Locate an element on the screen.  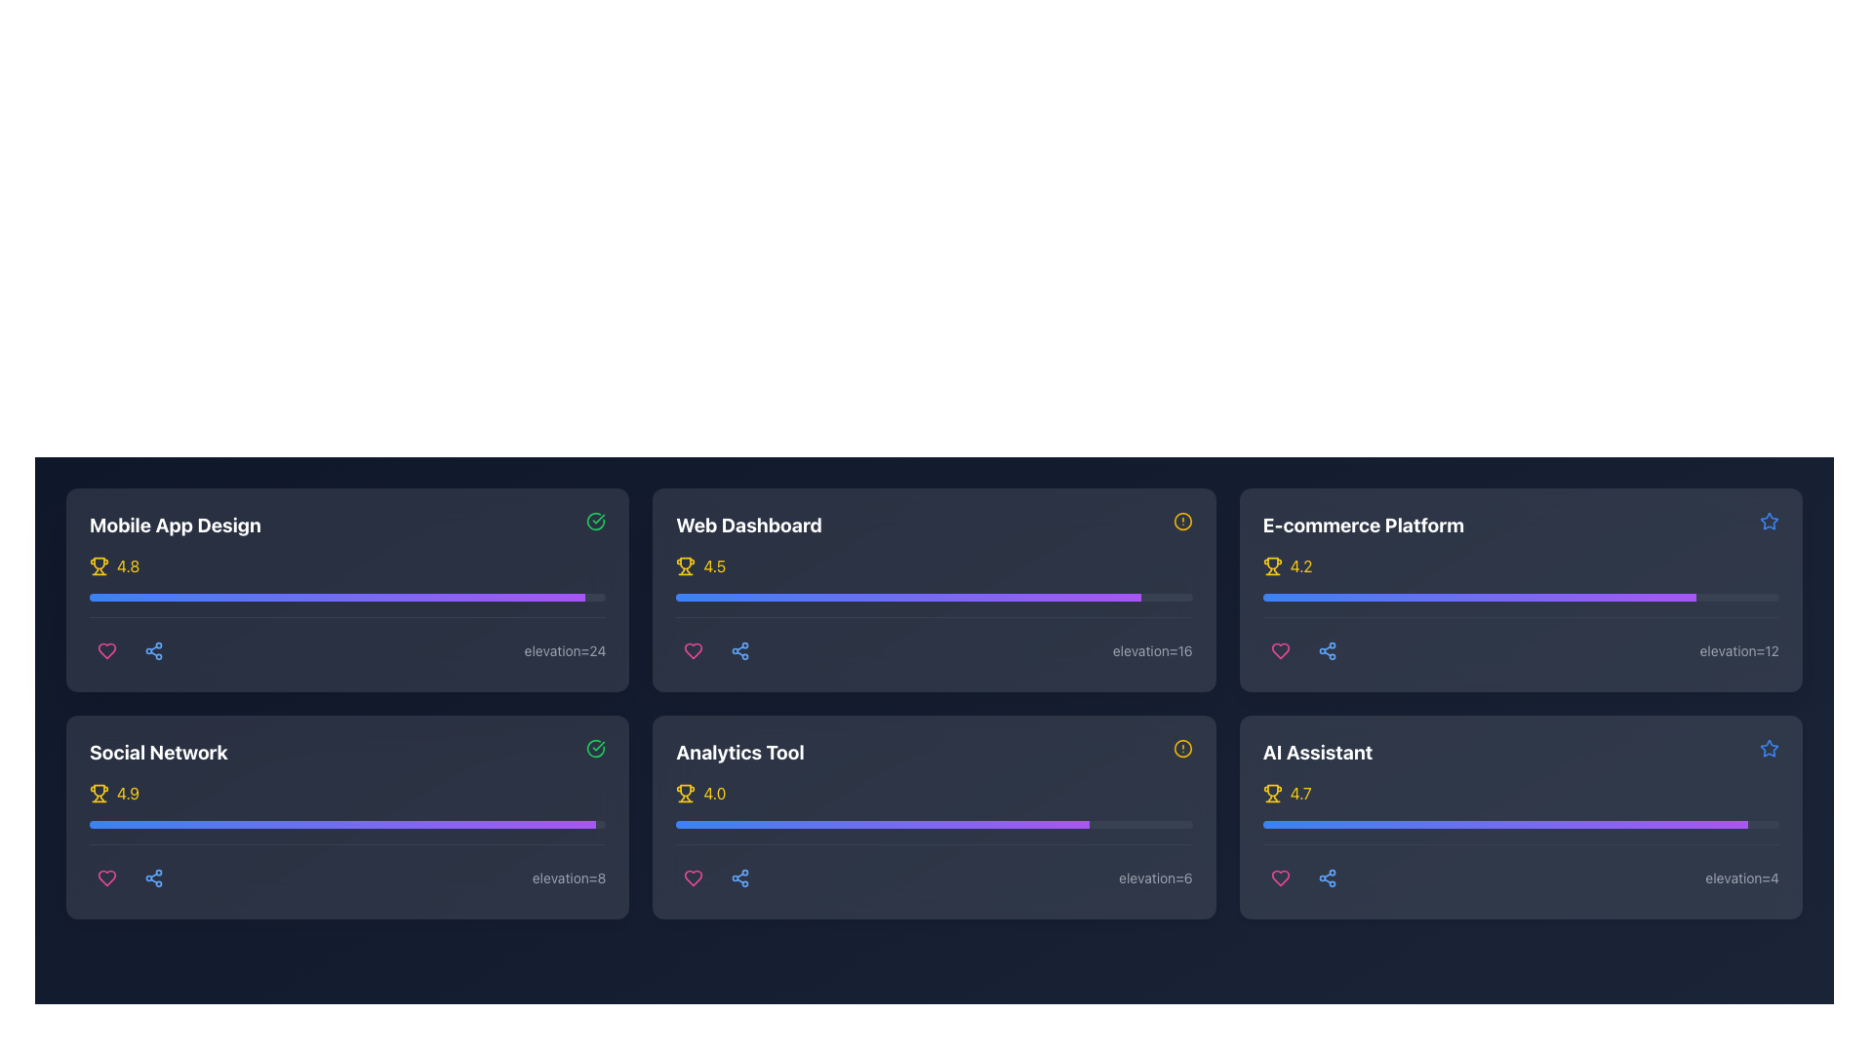
the progress bar value is located at coordinates (1691, 597).